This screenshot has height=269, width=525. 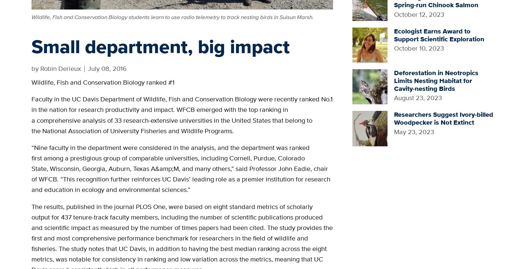 I want to click on 'Faculty in the UC Davis Department of Wildlife, Fish and Conservation Biology were recently ranked No.1 in the nation for research productivity and impact. WFCB emerged with the top ranking in a comprehensive analysis of 33 research-extensive universities in the United States that belong to the National Association of University Fisheries and Wildlife Programs.', so click(x=31, y=114).